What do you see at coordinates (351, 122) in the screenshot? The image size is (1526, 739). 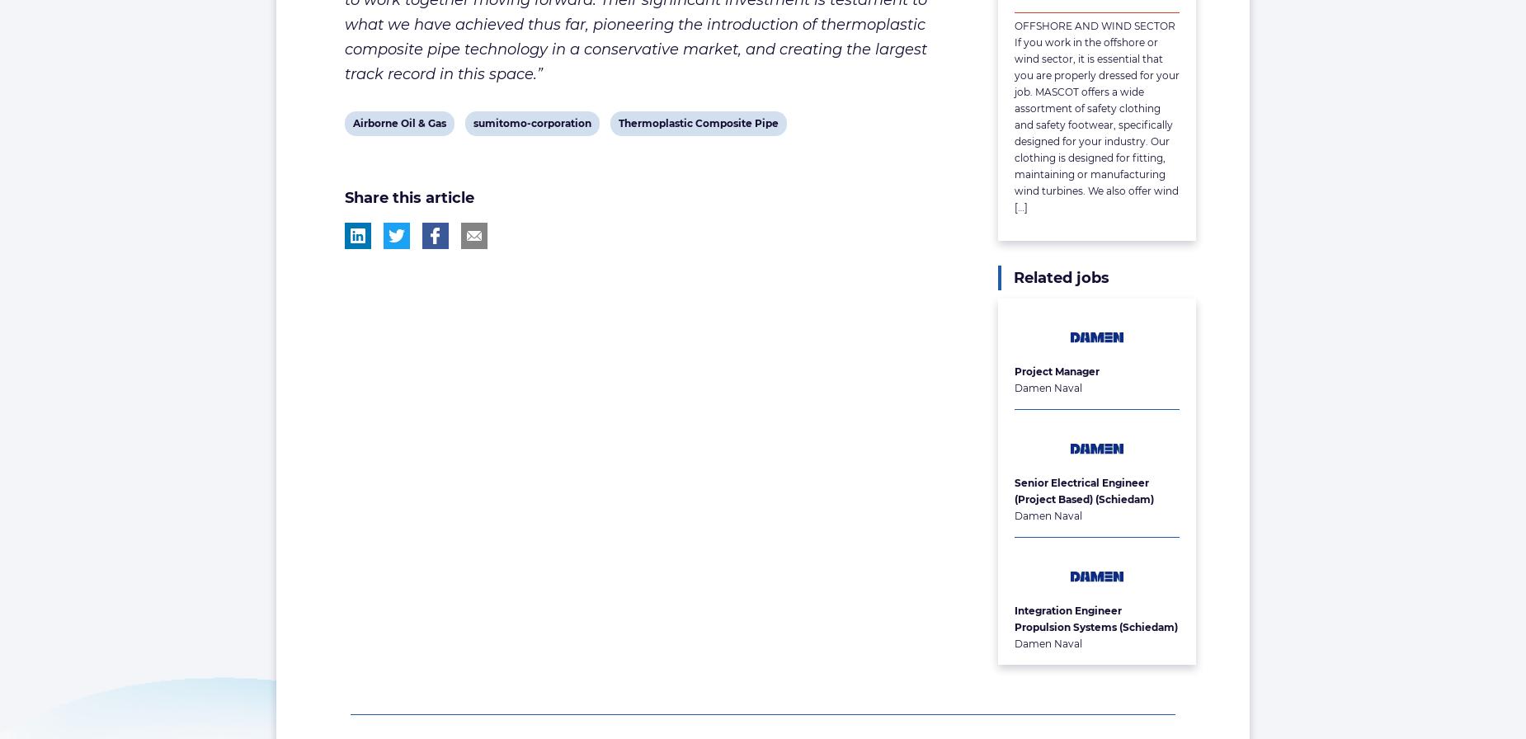 I see `'Airborne Oil & Gas'` at bounding box center [351, 122].